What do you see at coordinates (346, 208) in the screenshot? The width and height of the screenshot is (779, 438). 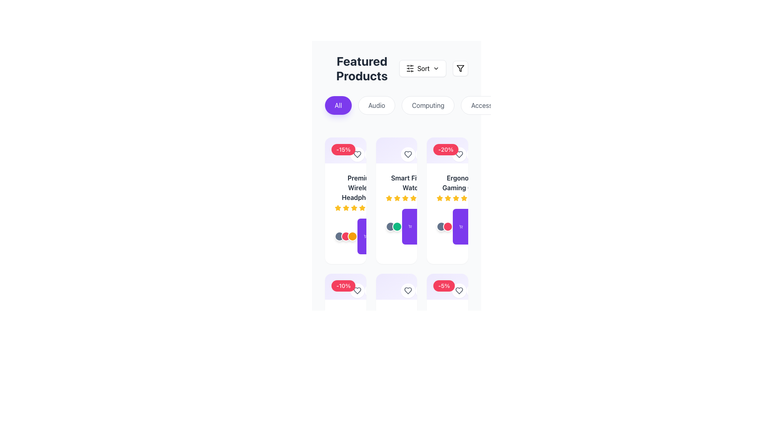 I see `the graphical appearance of the amber-yellow star icon in the rating control, which is the second star from the left` at bounding box center [346, 208].